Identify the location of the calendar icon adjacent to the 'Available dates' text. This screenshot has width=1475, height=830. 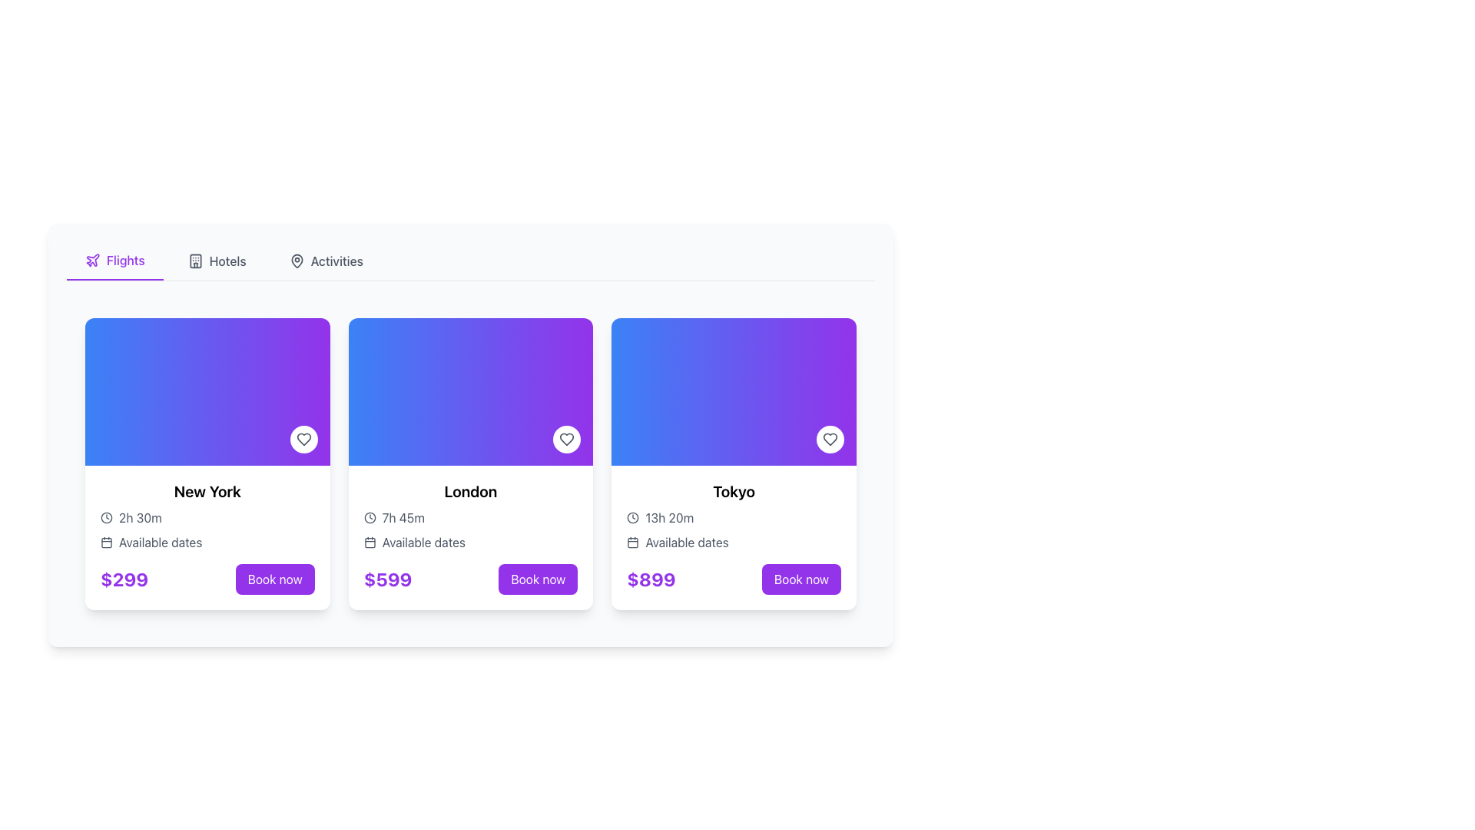
(633, 541).